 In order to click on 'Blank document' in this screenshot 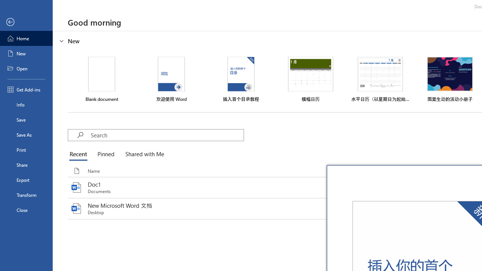, I will do `click(101, 79)`.